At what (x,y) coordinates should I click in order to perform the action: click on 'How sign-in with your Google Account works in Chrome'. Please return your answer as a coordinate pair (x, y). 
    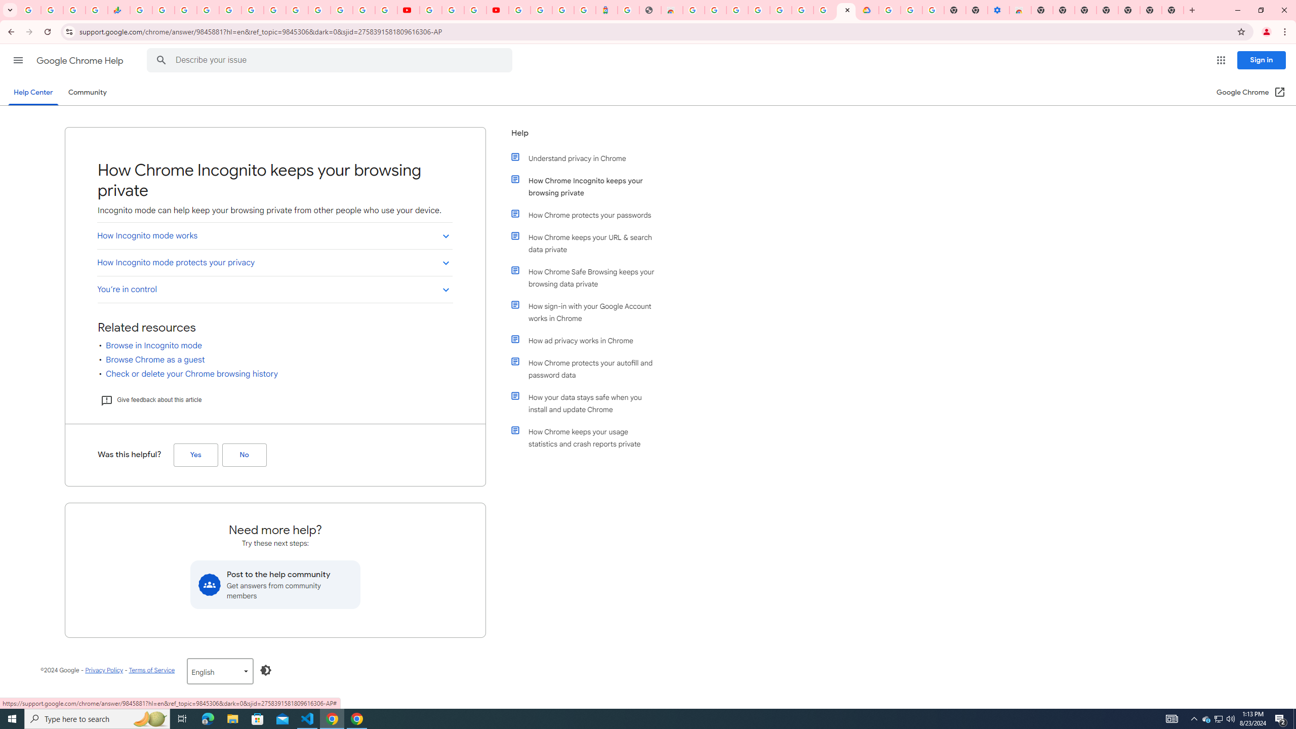
    Looking at the image, I should click on (588, 312).